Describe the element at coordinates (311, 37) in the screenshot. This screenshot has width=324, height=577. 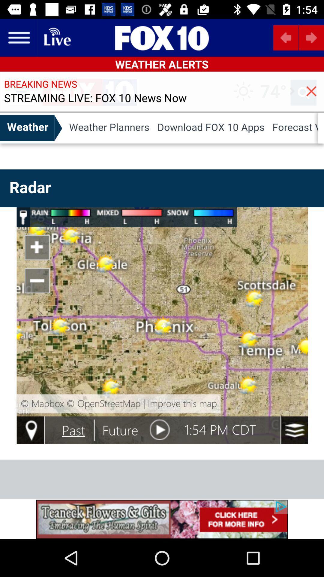
I see `the arrow_forward icon` at that location.